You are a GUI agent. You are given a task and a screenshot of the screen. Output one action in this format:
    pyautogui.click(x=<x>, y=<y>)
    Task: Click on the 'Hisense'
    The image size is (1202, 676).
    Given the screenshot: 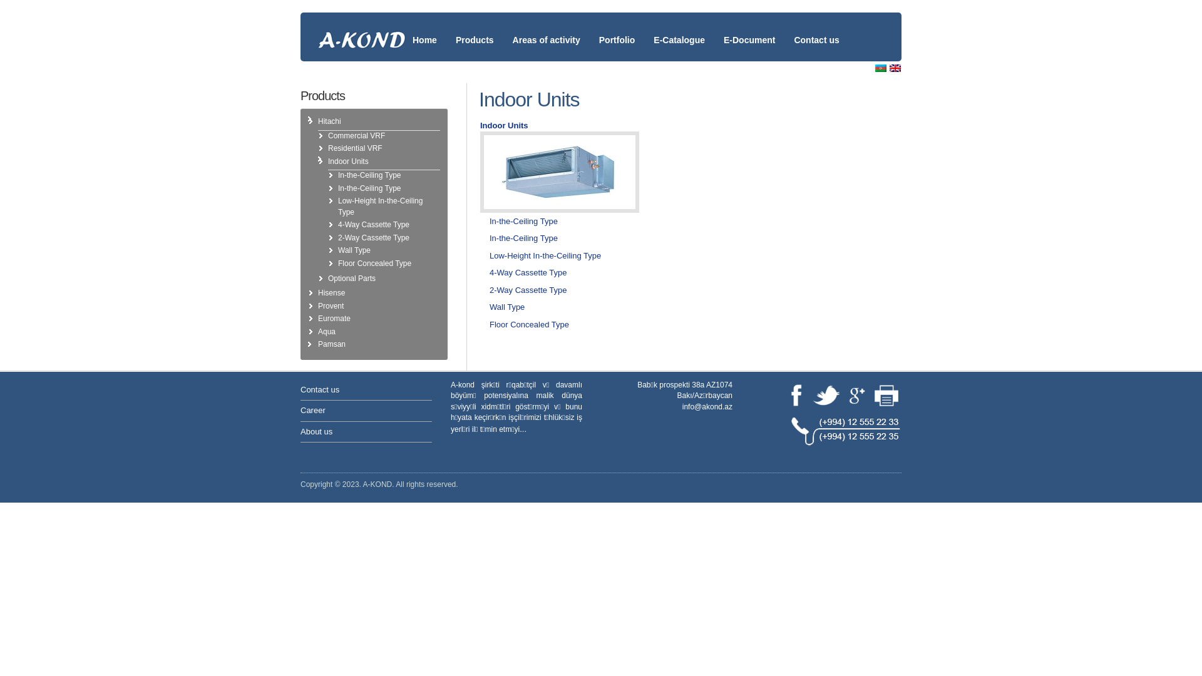 What is the action you would take?
    pyautogui.click(x=331, y=292)
    